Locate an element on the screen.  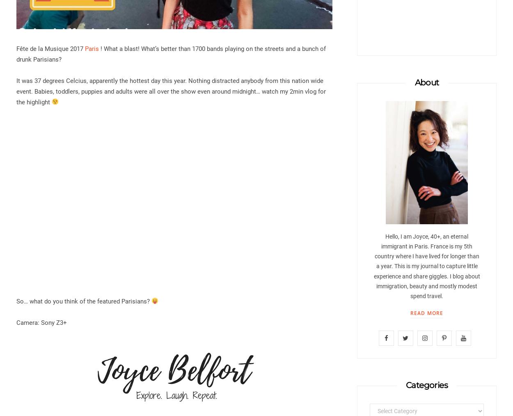
'! What a blast! What’s better than 1700 bands playing on the streets and a bunch of drunk Parisians?' is located at coordinates (171, 53).